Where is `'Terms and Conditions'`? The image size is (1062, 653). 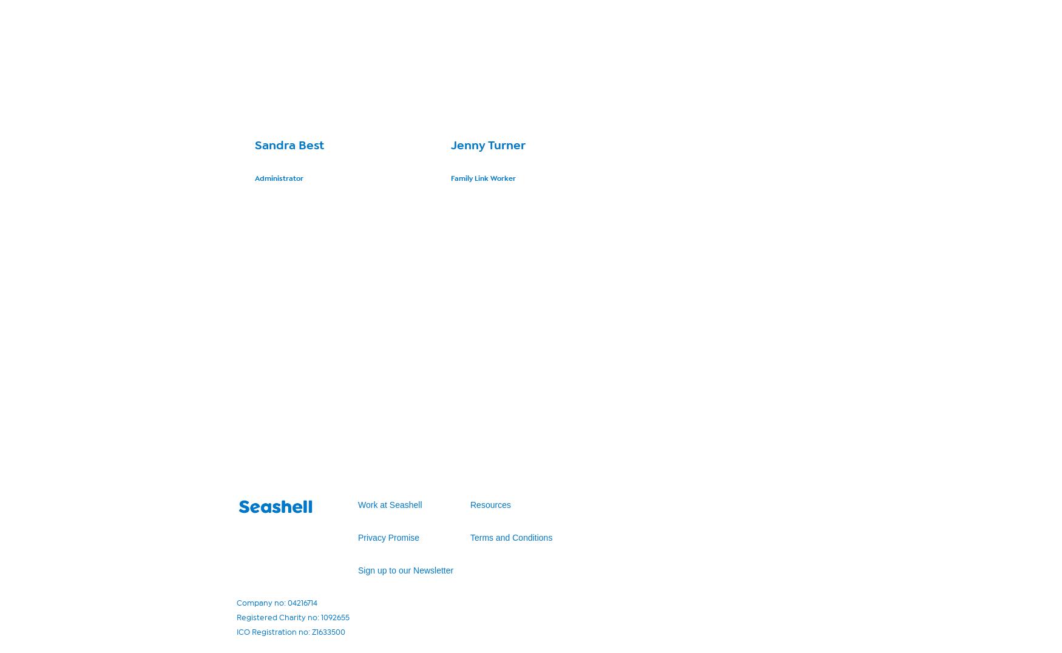
'Terms and Conditions' is located at coordinates (511, 537).